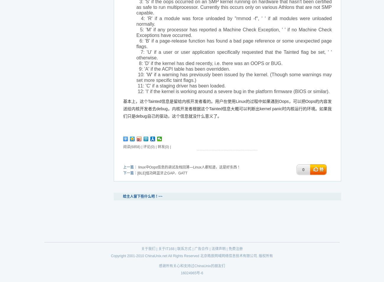 This screenshot has width=384, height=282. Describe the element at coordinates (233, 77) in the screenshot. I see `'10: 'W' if a warning has previously been issued by the kernel. (Though some warnings may set more specific taint flags.)'` at that location.